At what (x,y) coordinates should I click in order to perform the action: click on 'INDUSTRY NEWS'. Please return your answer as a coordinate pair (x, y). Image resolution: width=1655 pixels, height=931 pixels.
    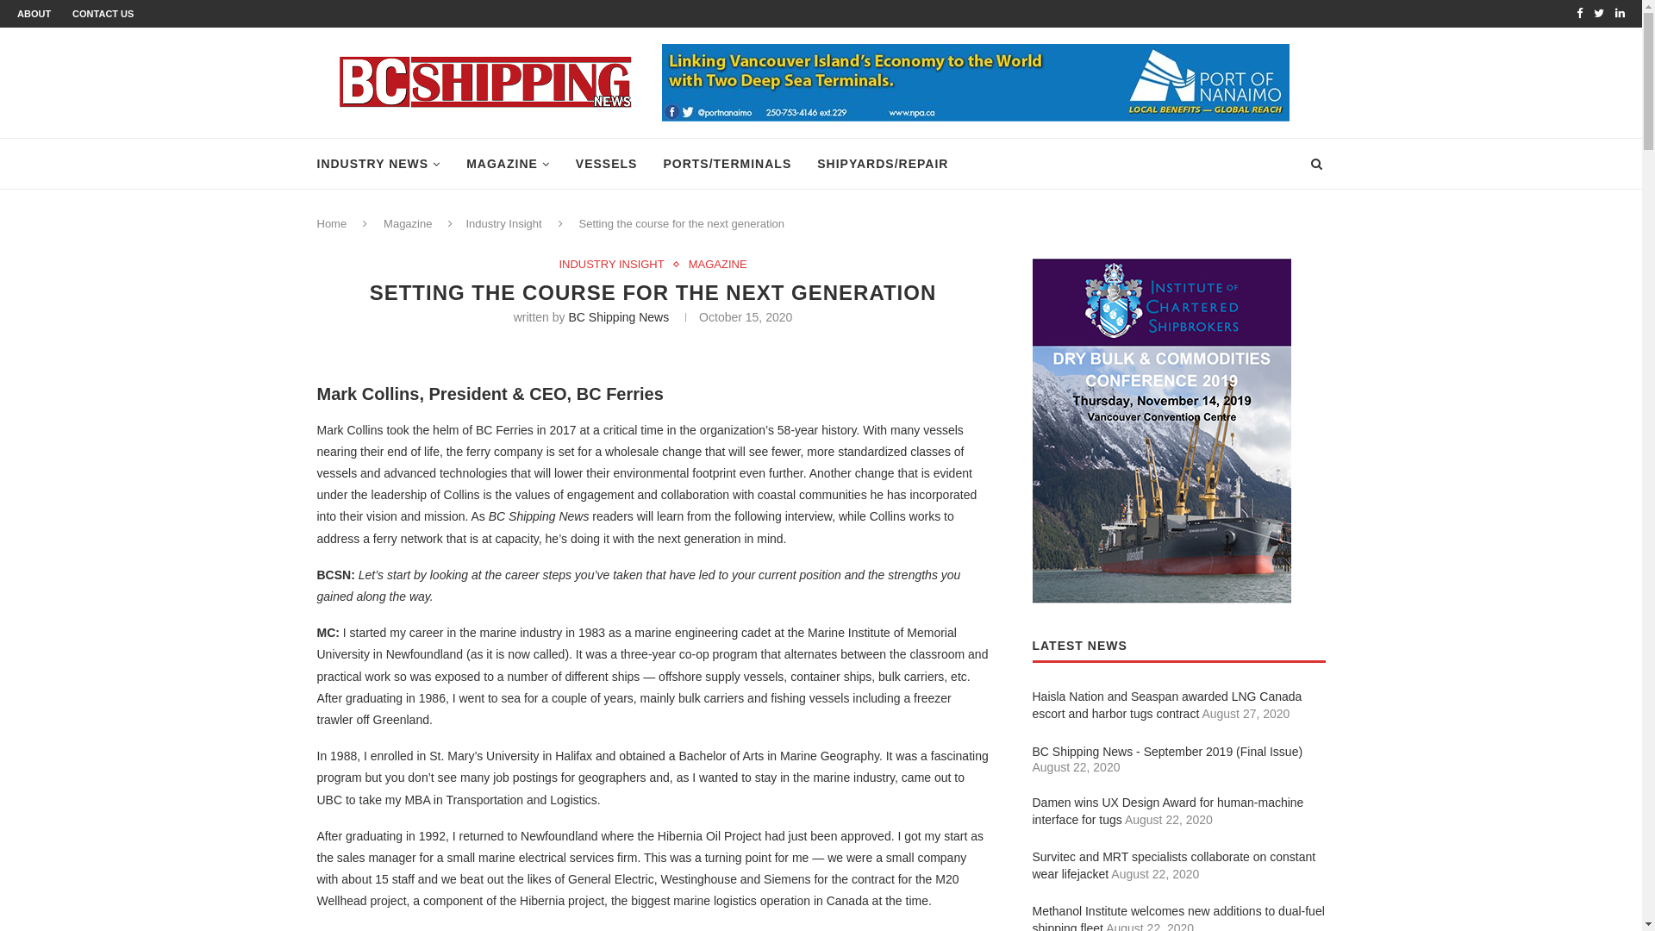
    Looking at the image, I should click on (378, 164).